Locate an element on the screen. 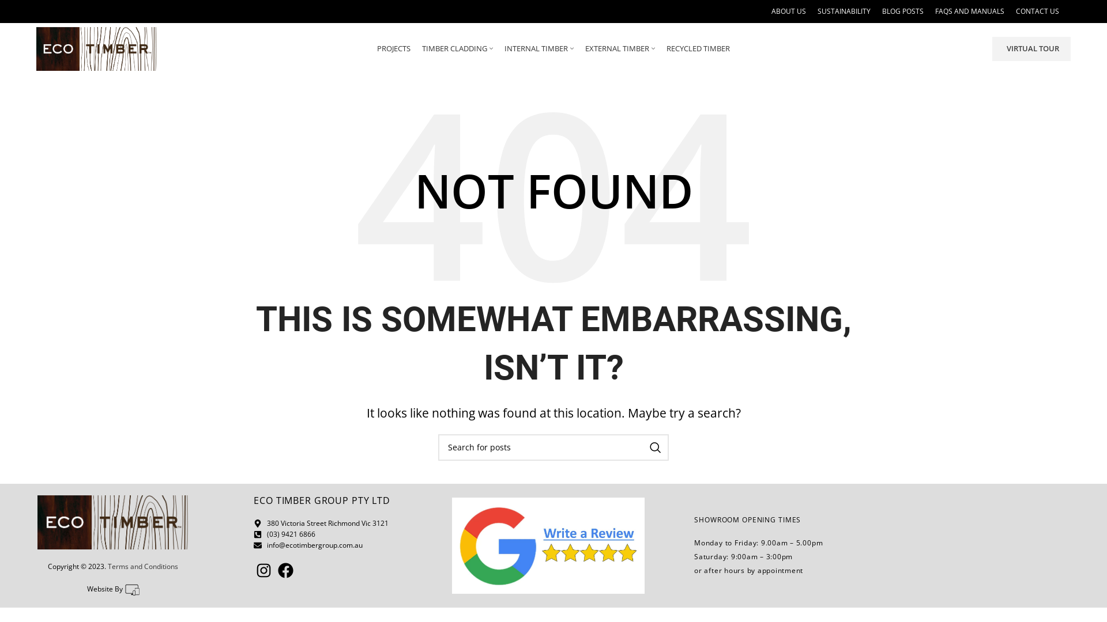  'SEARCH' is located at coordinates (641, 446).